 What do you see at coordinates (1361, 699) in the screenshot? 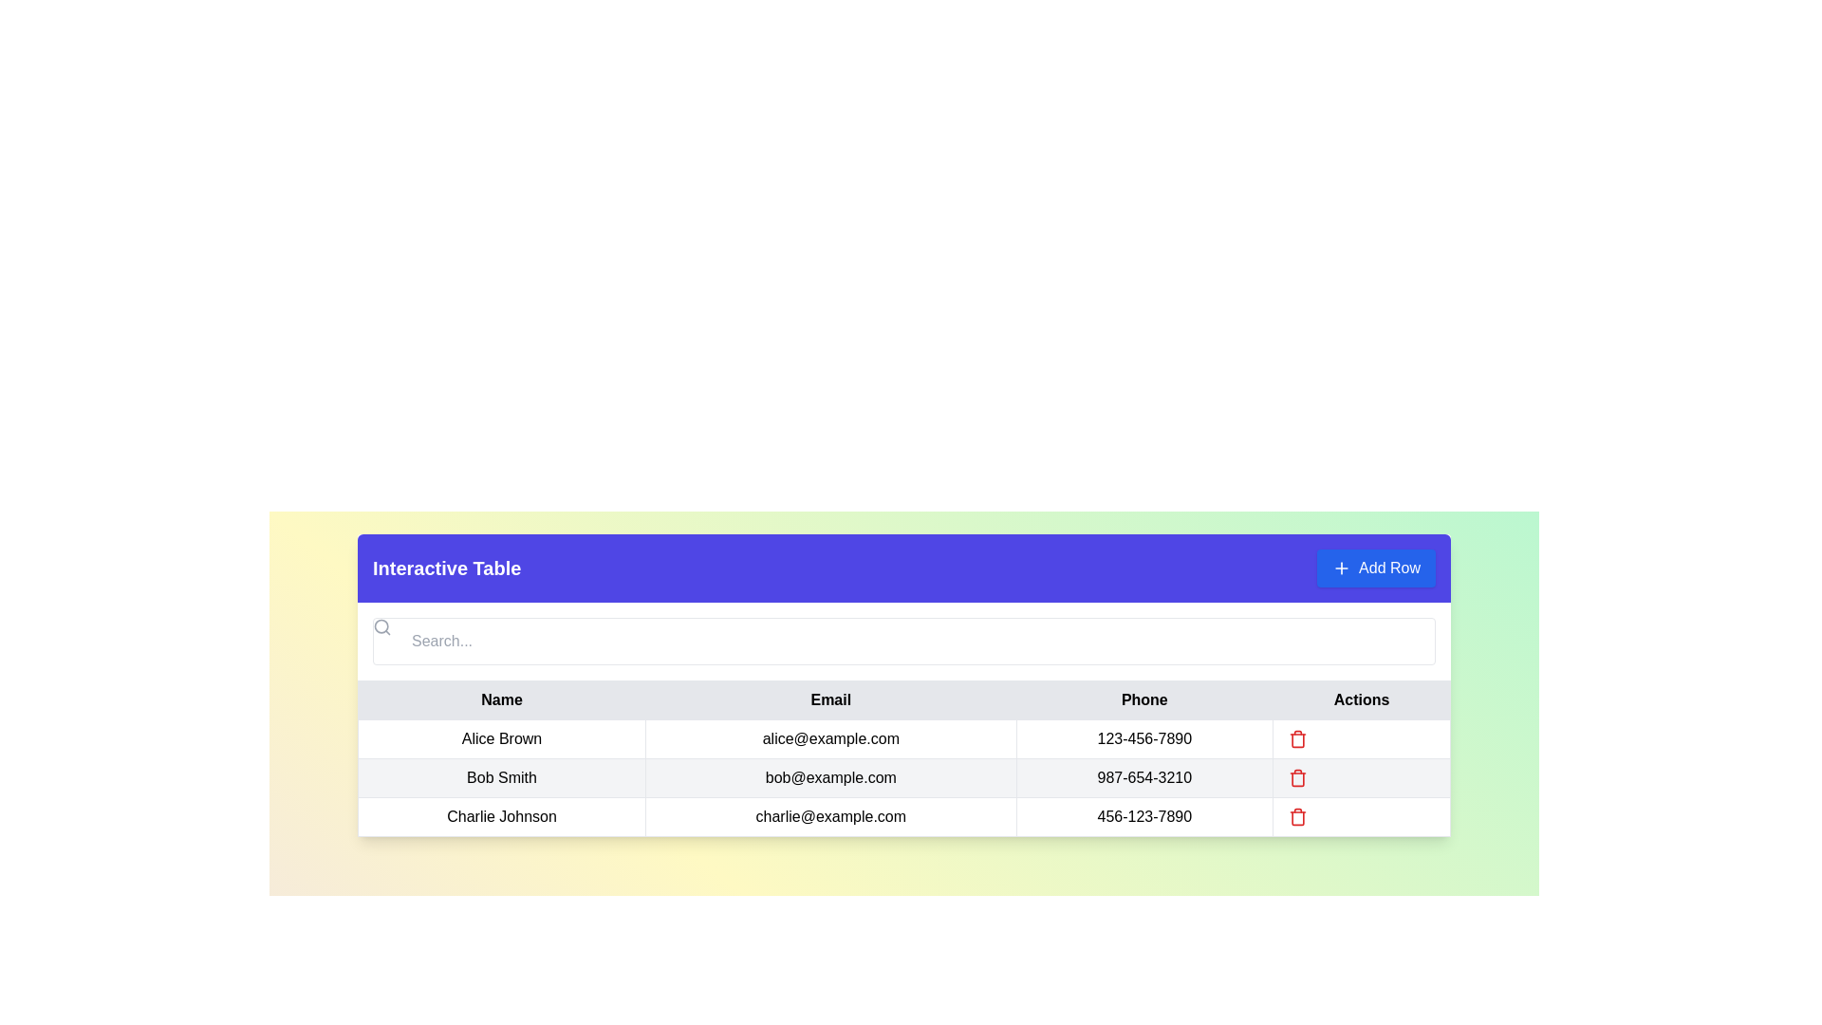
I see `the fourth column header of the table, which is positioned to the right of the 'Phone' header` at bounding box center [1361, 699].